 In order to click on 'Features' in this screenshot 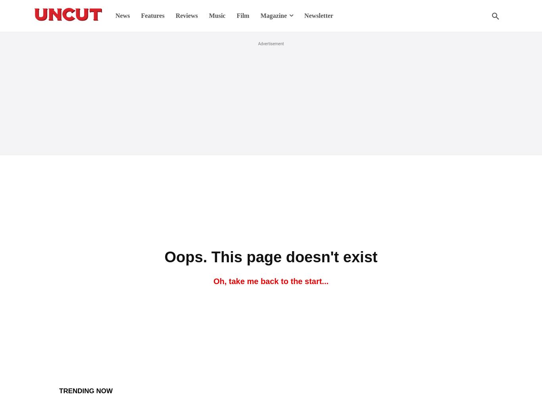, I will do `click(152, 15)`.